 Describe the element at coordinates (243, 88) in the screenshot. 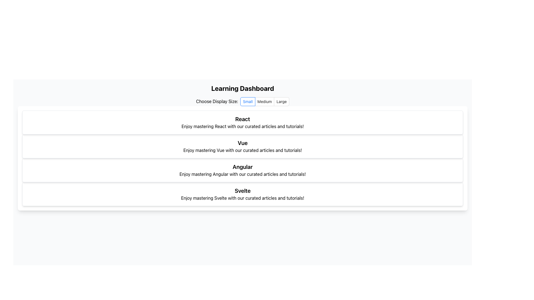

I see `the text header displaying 'Learning Dashboard', which is prominently centered at the top of the dashboard layout` at that location.